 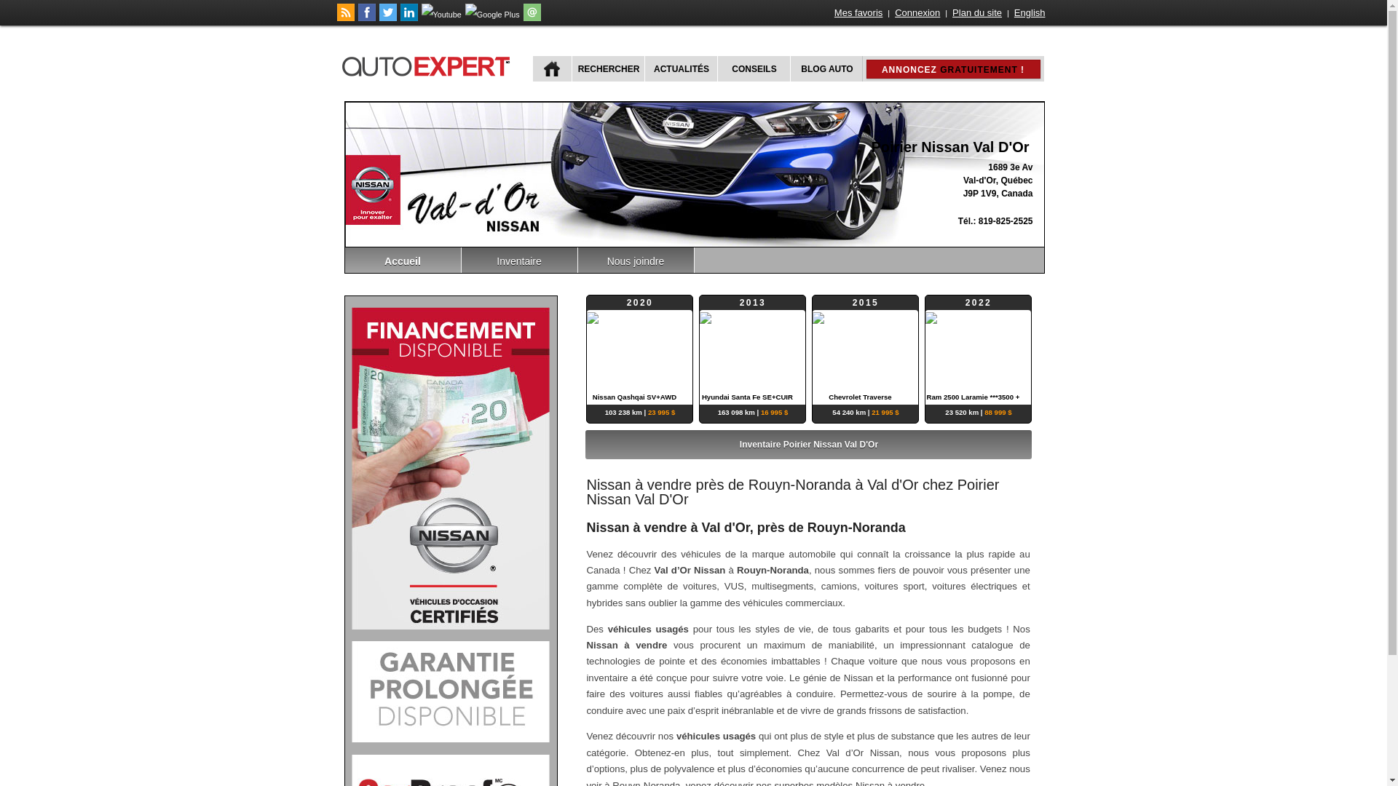 I want to click on 'English', so click(x=1029, y=12).